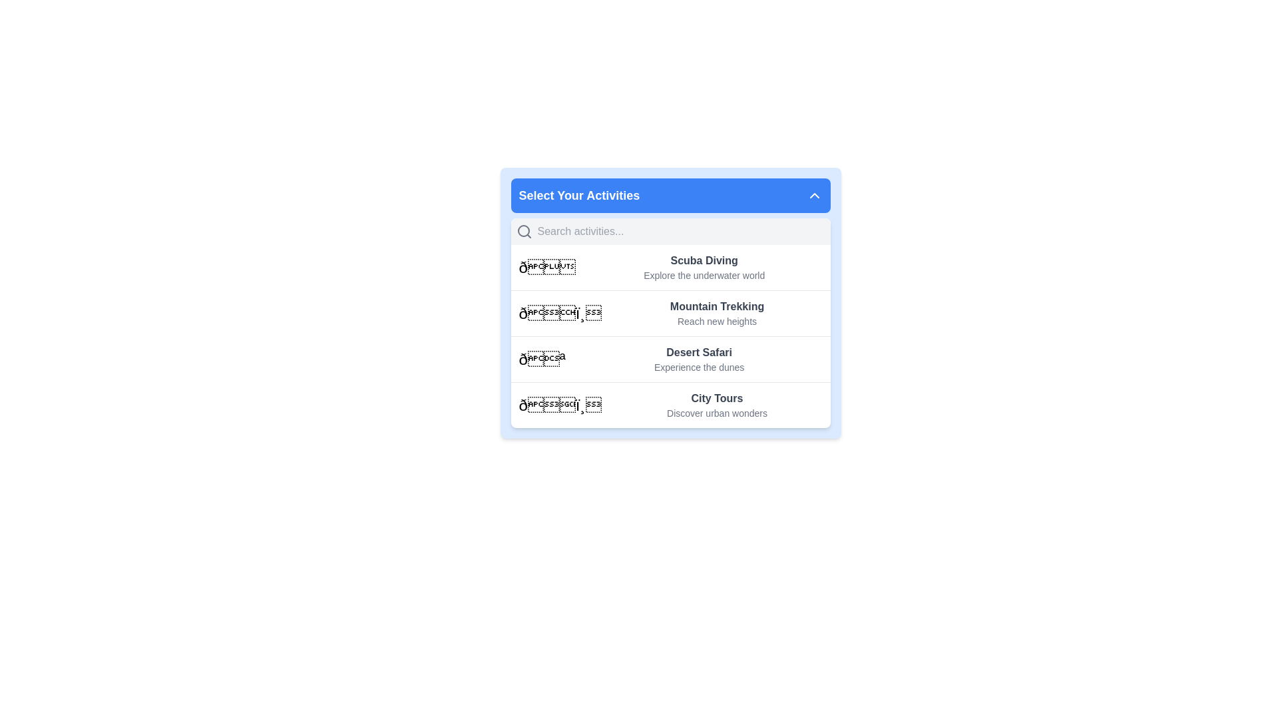 This screenshot has height=719, width=1278. What do you see at coordinates (670, 404) in the screenshot?
I see `the fourth list item titled 'City Tours' with the subtitle 'Discover urban wonders' in the menu` at bounding box center [670, 404].